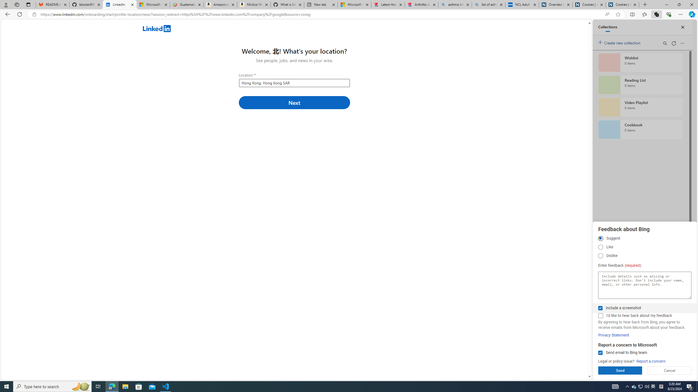  I want to click on 'I', so click(600, 315).